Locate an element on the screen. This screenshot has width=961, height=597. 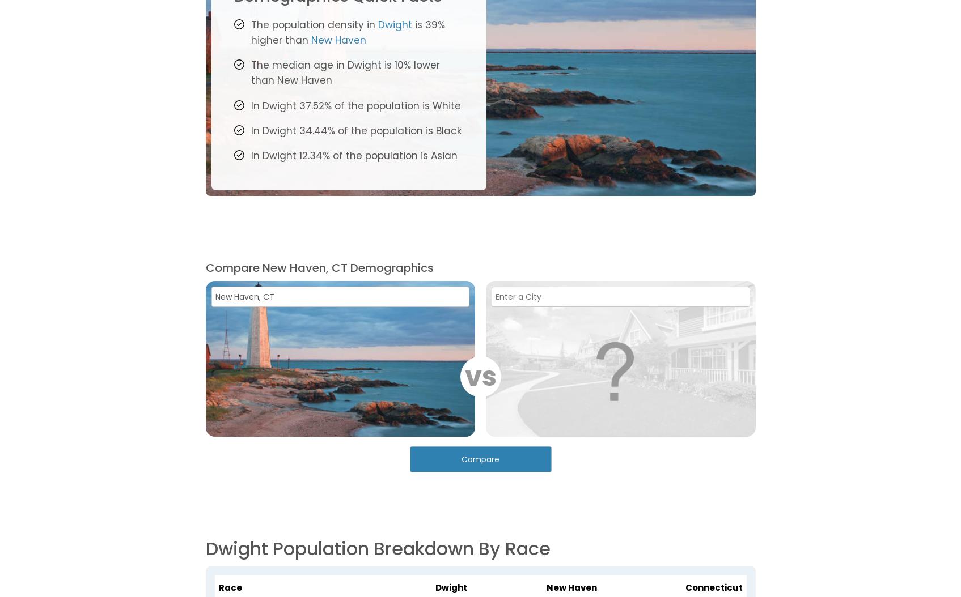
'In Dwight 37.52% of the population is White' is located at coordinates (251, 105).